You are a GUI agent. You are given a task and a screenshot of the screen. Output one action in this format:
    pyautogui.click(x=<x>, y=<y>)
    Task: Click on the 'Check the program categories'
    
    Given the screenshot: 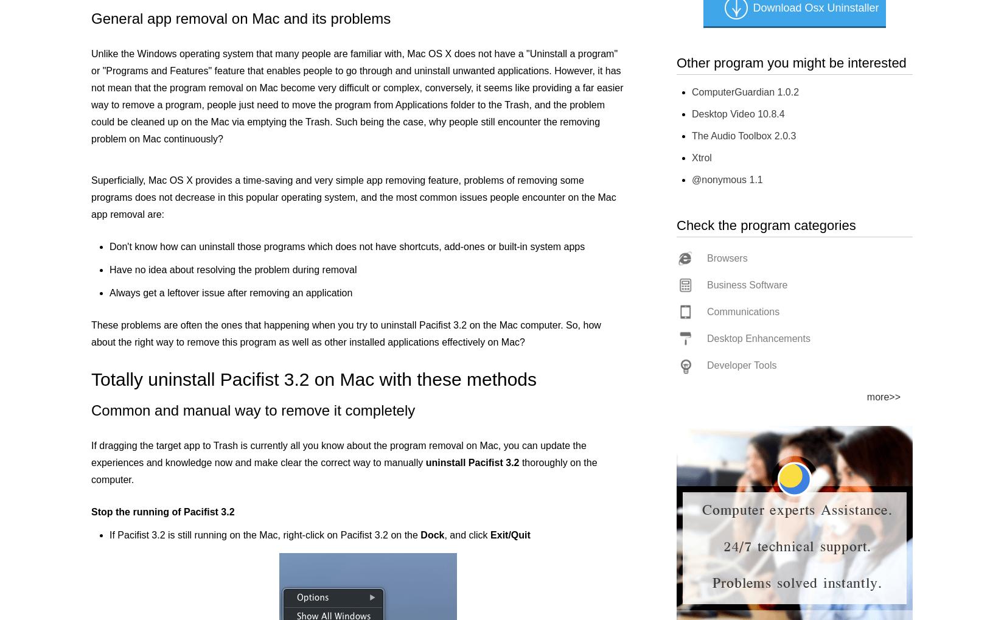 What is the action you would take?
    pyautogui.click(x=765, y=225)
    